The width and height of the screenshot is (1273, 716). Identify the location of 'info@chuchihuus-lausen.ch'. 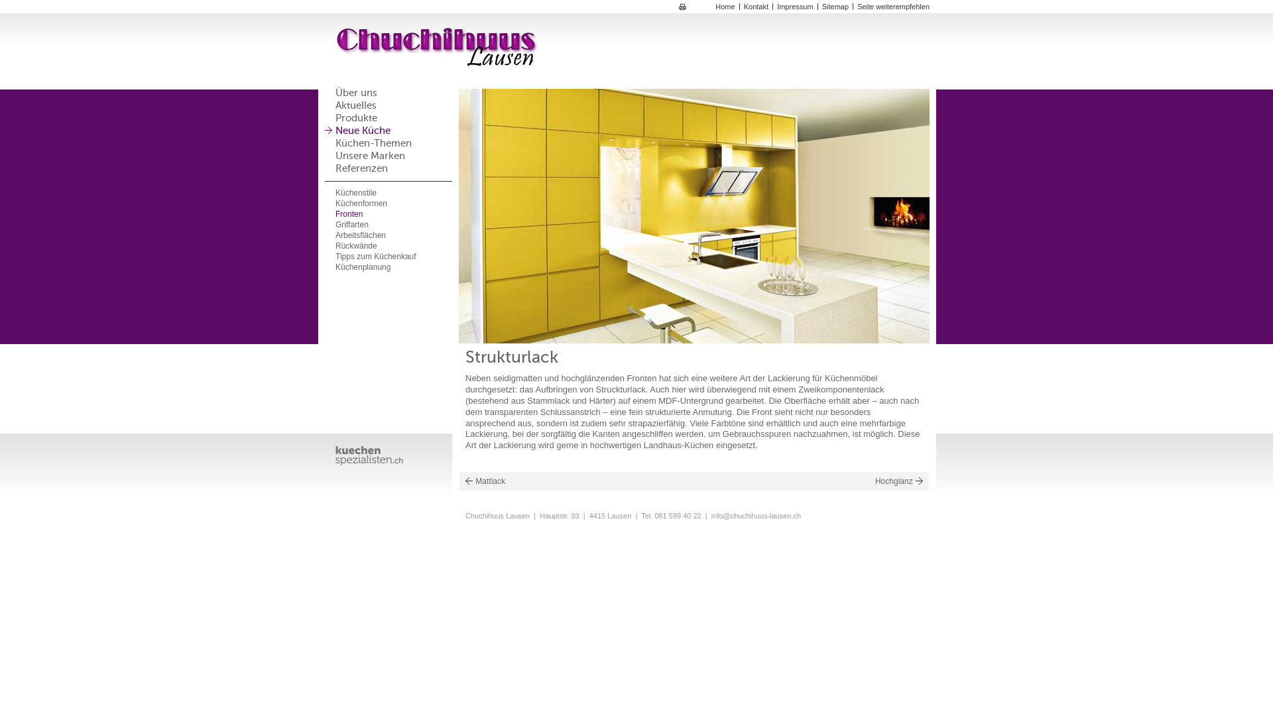
(756, 515).